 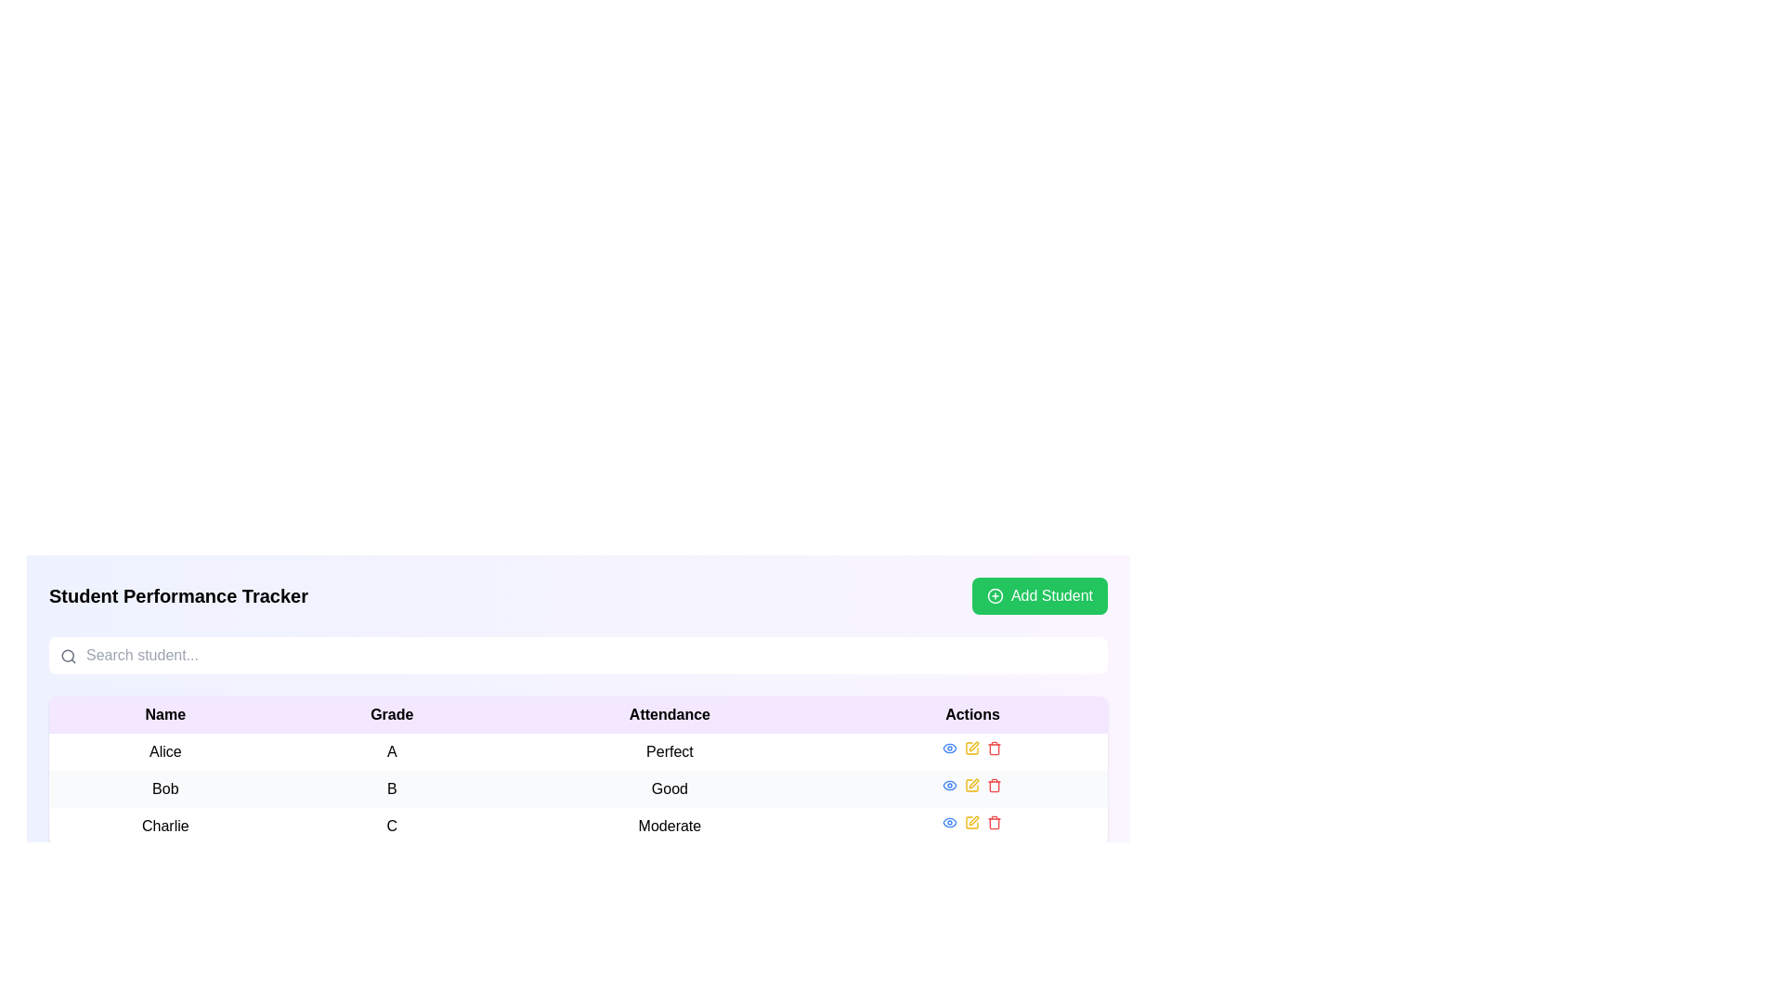 What do you see at coordinates (971, 714) in the screenshot?
I see `the 'Actions' header label in the data table, which is the last column header indicating actions for each row` at bounding box center [971, 714].